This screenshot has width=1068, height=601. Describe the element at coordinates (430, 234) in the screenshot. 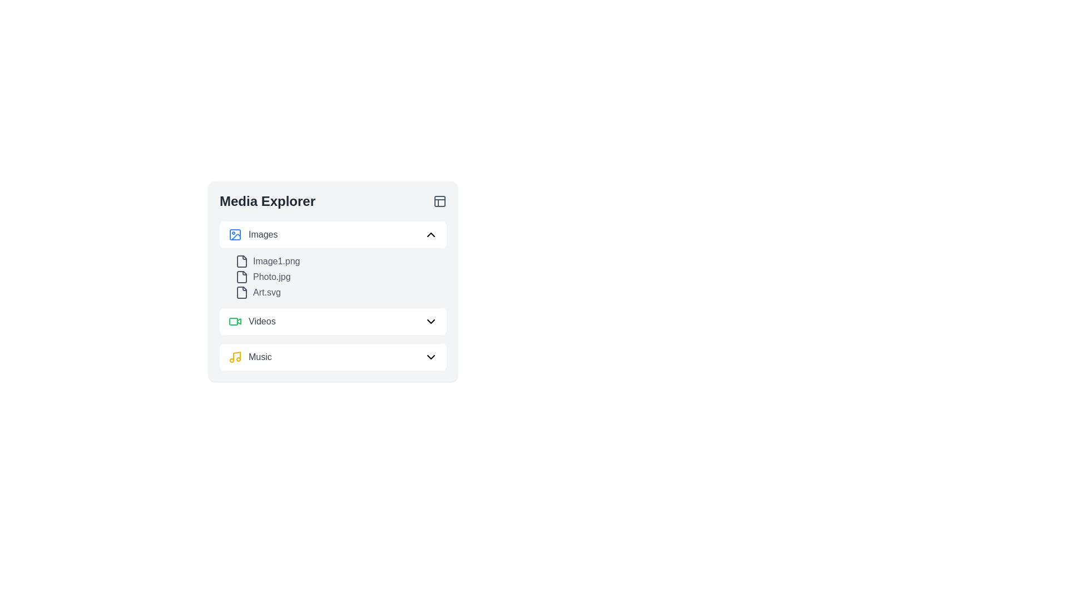

I see `the upward-pointing chevron icon next to the 'Images' label` at that location.